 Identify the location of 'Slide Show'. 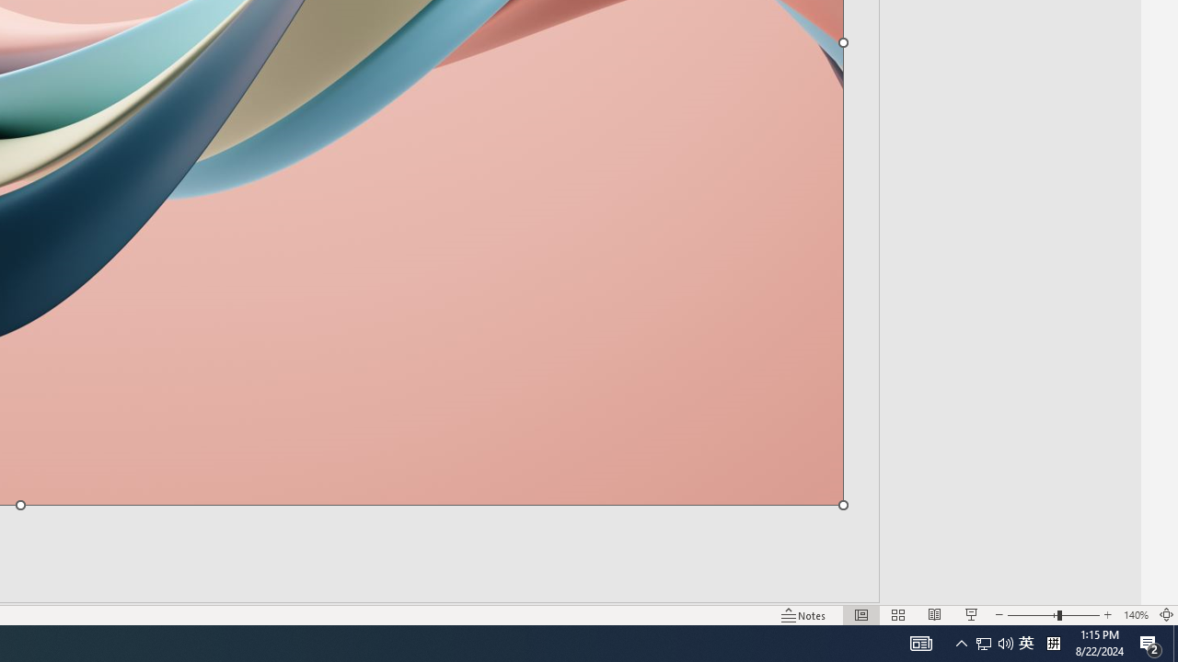
(971, 615).